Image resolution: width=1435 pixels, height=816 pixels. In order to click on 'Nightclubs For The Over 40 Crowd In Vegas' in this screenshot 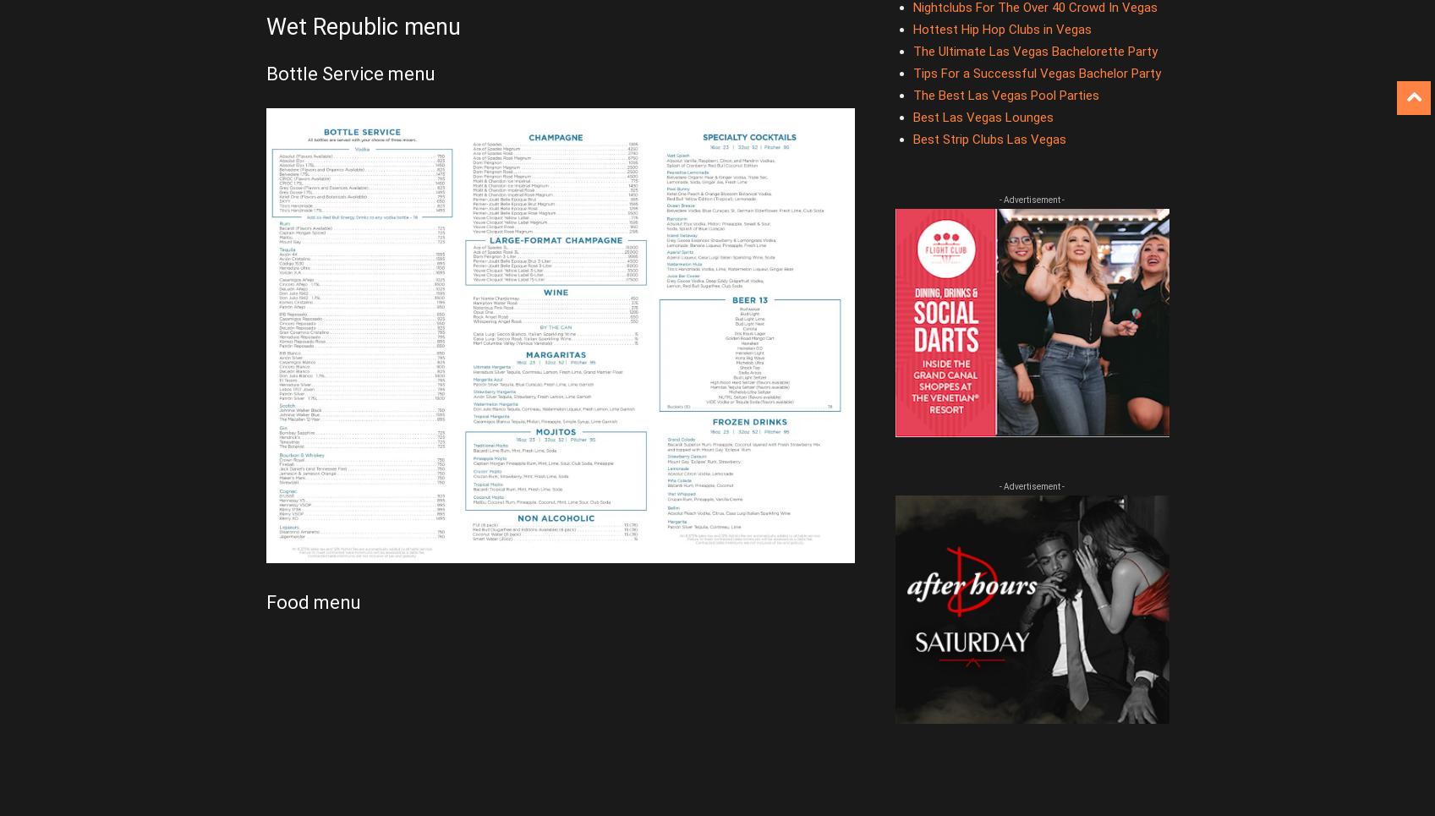, I will do `click(1033, 6)`.